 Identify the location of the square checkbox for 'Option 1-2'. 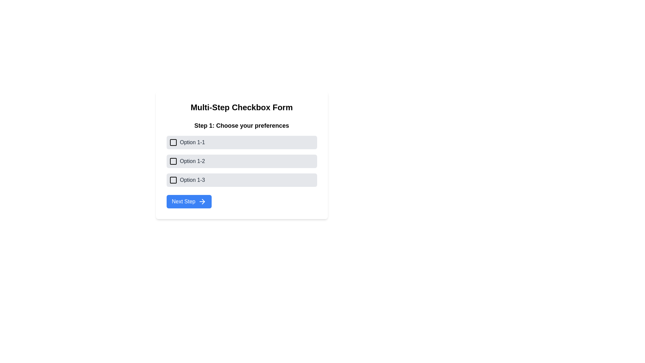
(173, 161).